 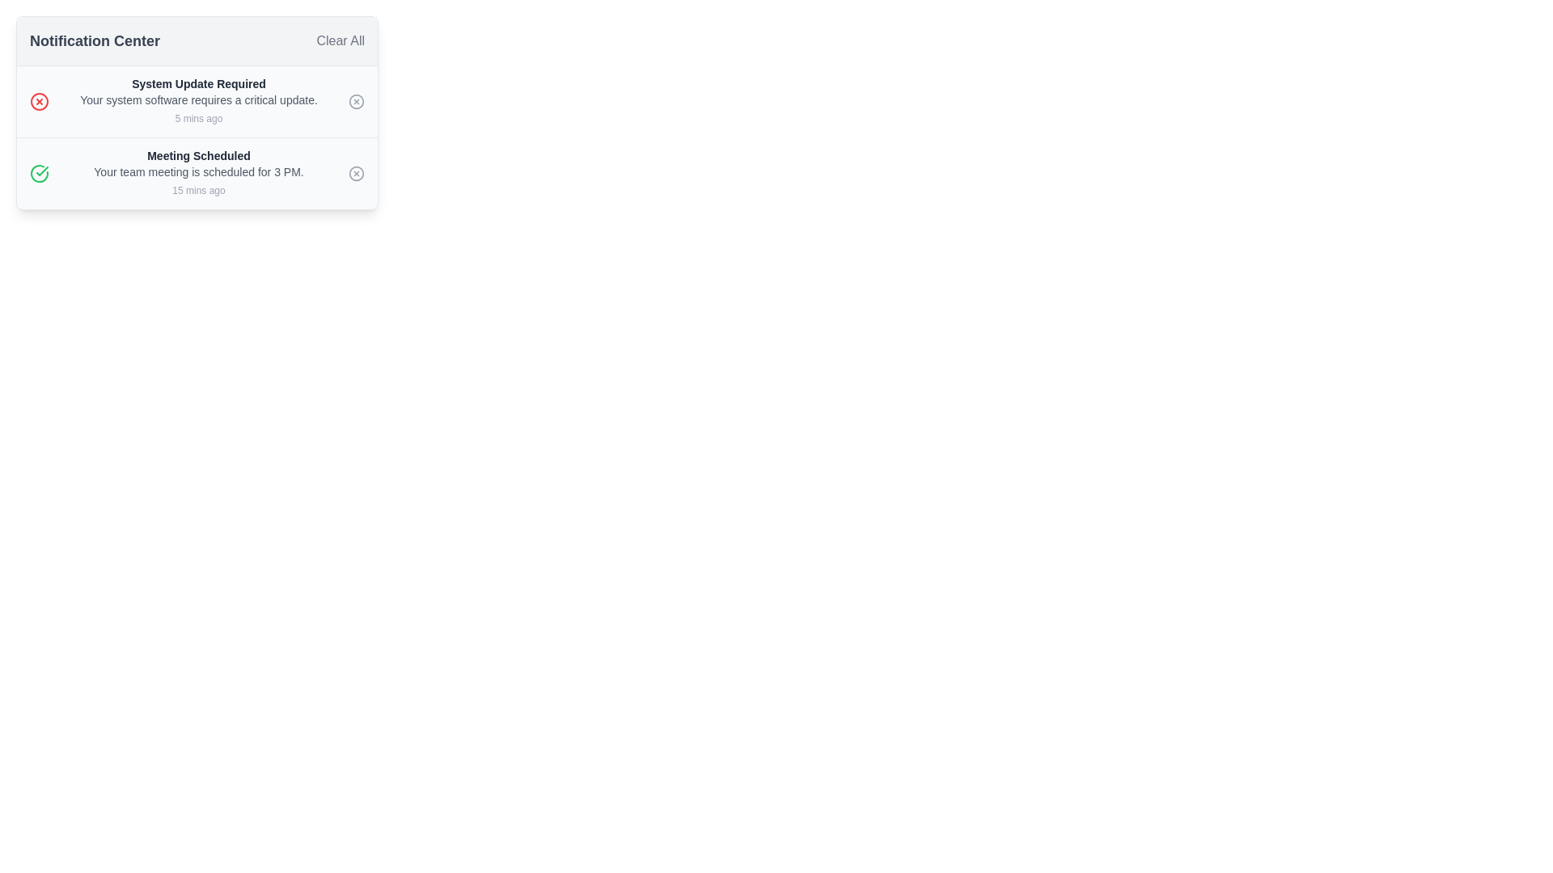 What do you see at coordinates (39, 174) in the screenshot?
I see `the circular green outlined icon with a check mark inside, located to the left of the text 'Meeting Scheduled' in the second notification entry` at bounding box center [39, 174].